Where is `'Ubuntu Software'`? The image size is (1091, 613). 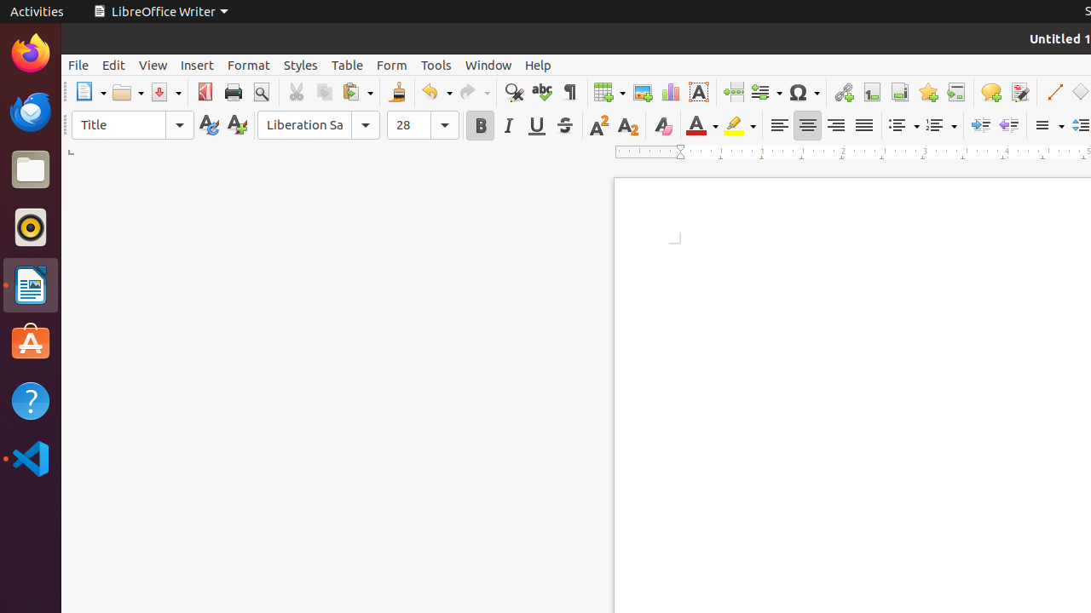 'Ubuntu Software' is located at coordinates (30, 343).